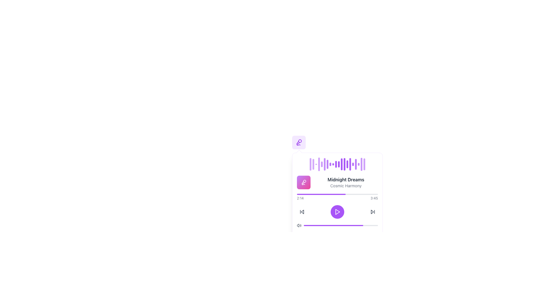 Image resolution: width=544 pixels, height=306 pixels. Describe the element at coordinates (339, 164) in the screenshot. I see `the twelfth purple bar in the audio waveform sequence, which has rounded ends and is part of a wave-like pattern` at that location.